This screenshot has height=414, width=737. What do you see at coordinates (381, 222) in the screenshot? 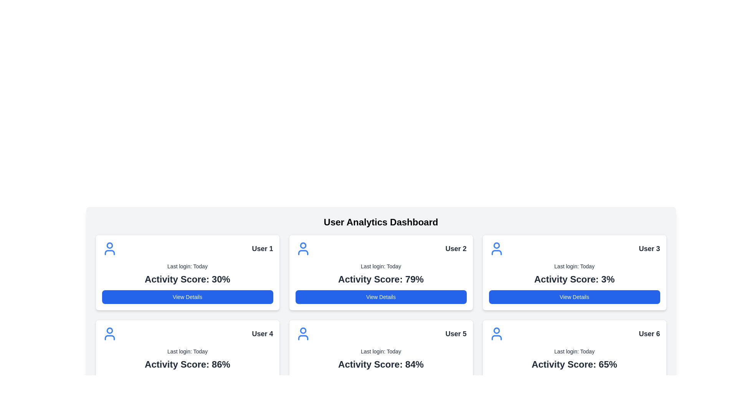
I see `text from the centered title element labeled 'User Analytics Dashboard', which is styled in bold and positioned above the user information cards` at bounding box center [381, 222].